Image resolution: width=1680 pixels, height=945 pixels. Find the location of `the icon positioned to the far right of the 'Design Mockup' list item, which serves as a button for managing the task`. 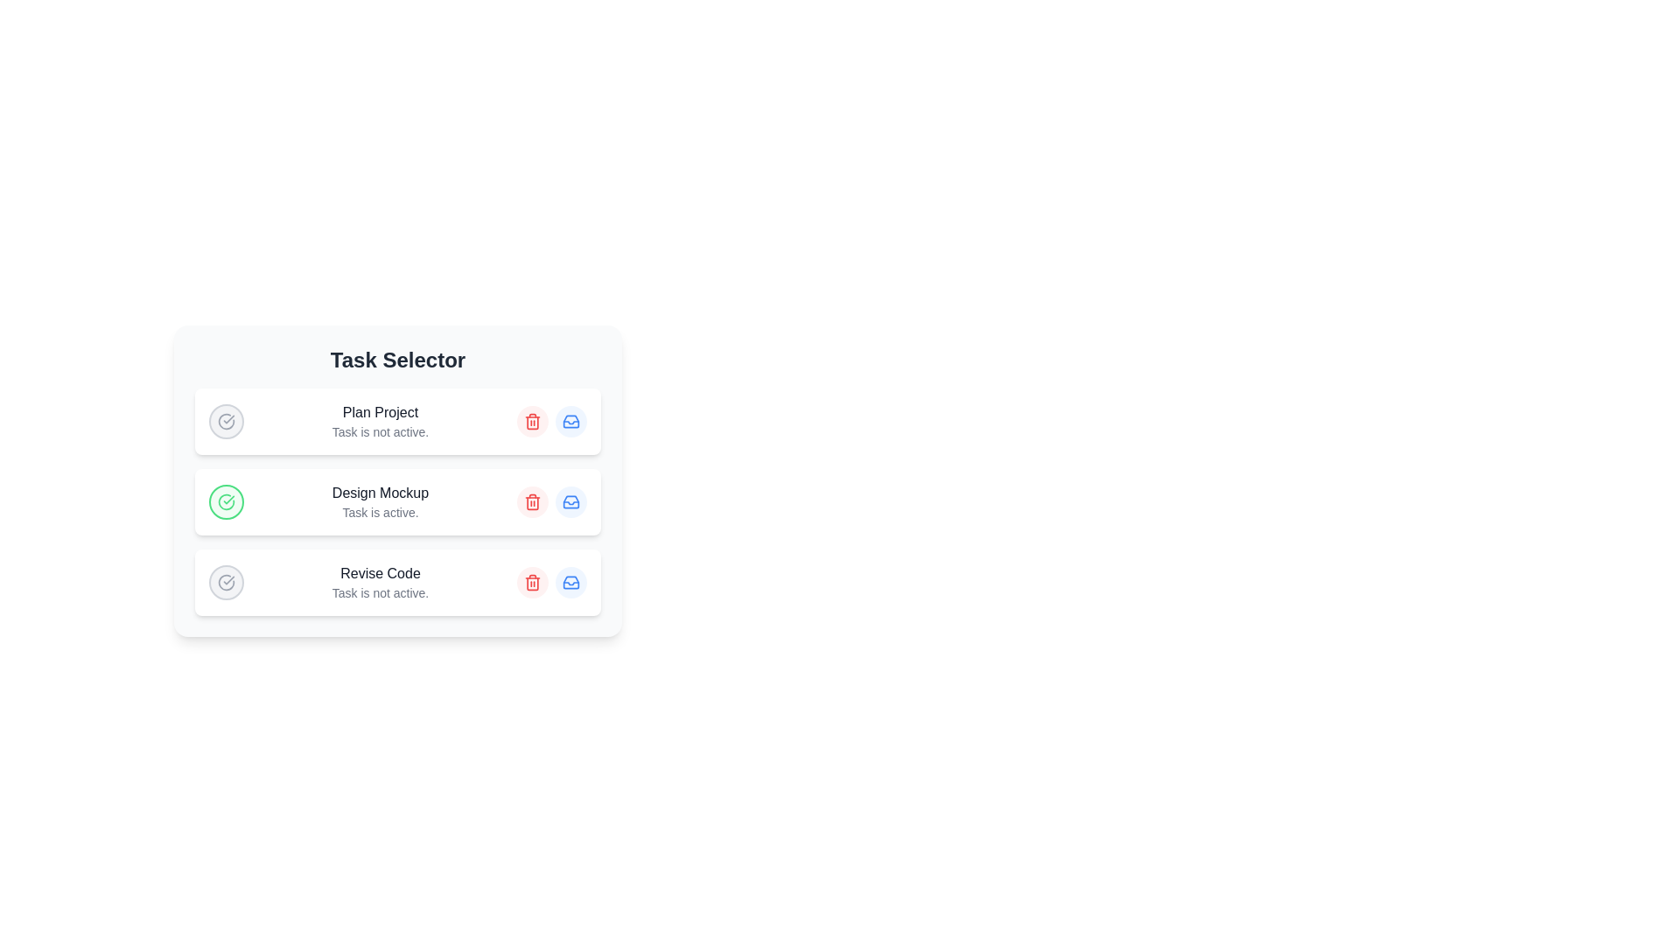

the icon positioned to the far right of the 'Design Mockup' list item, which serves as a button for managing the task is located at coordinates (570, 502).